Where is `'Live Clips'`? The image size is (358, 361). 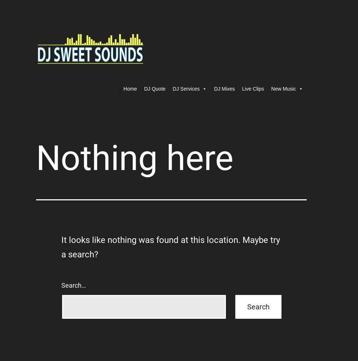 'Live Clips' is located at coordinates (252, 88).